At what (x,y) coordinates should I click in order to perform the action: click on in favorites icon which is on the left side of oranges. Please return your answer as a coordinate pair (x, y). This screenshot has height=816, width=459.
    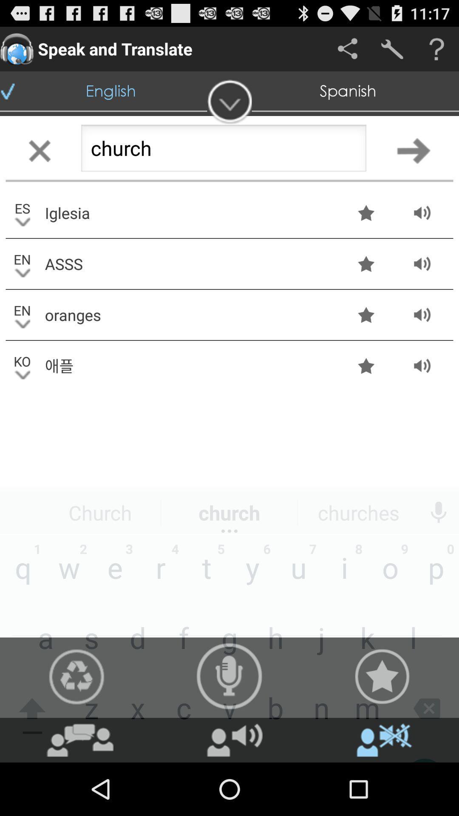
    Looking at the image, I should click on (365, 314).